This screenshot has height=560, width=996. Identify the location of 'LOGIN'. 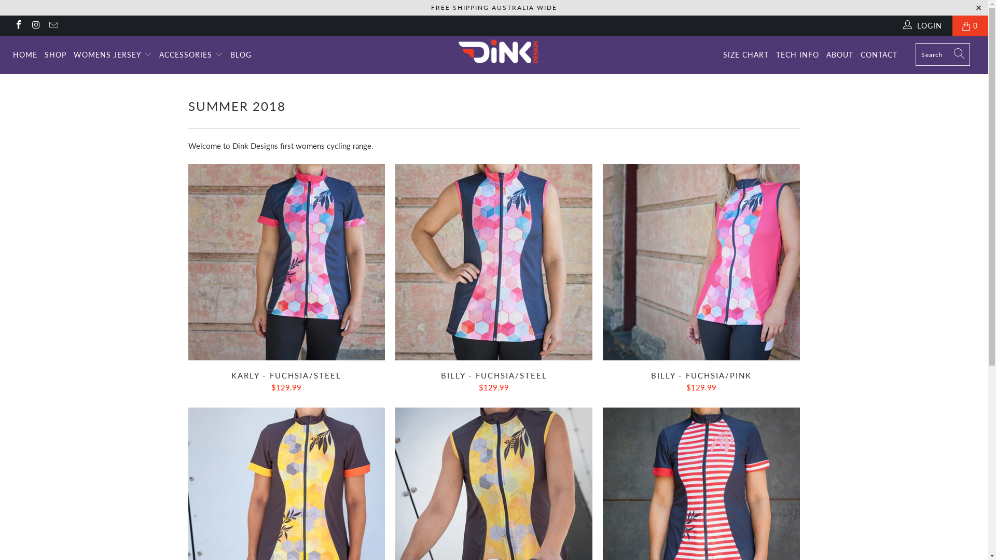
(923, 25).